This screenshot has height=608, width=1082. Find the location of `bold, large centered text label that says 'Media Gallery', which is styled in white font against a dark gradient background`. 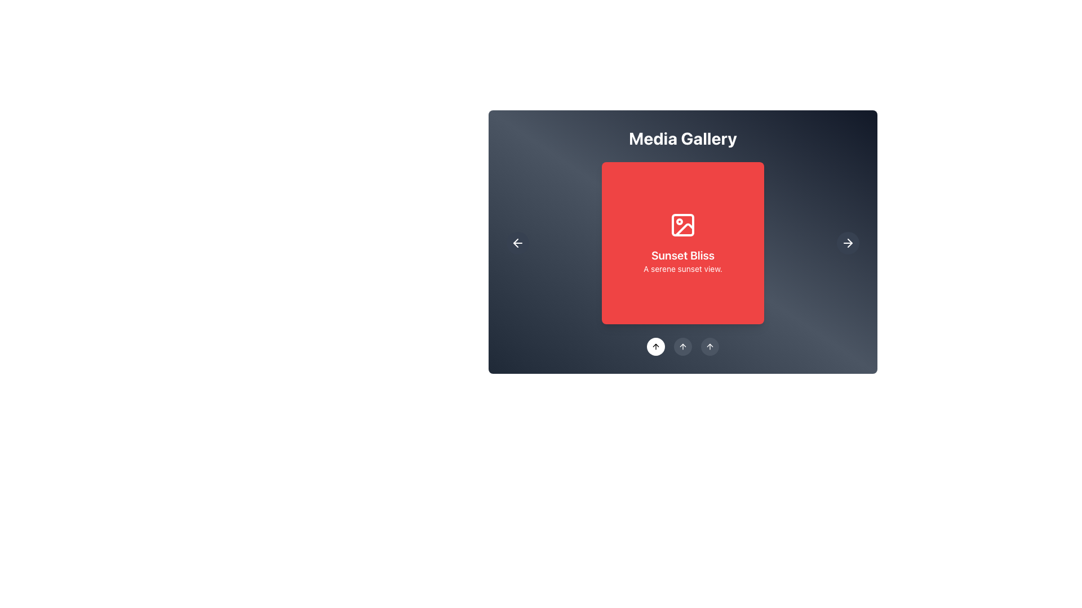

bold, large centered text label that says 'Media Gallery', which is styled in white font against a dark gradient background is located at coordinates (682, 138).